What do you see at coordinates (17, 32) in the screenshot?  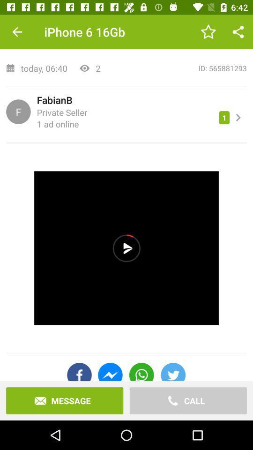 I see `item above the today, 06:40` at bounding box center [17, 32].